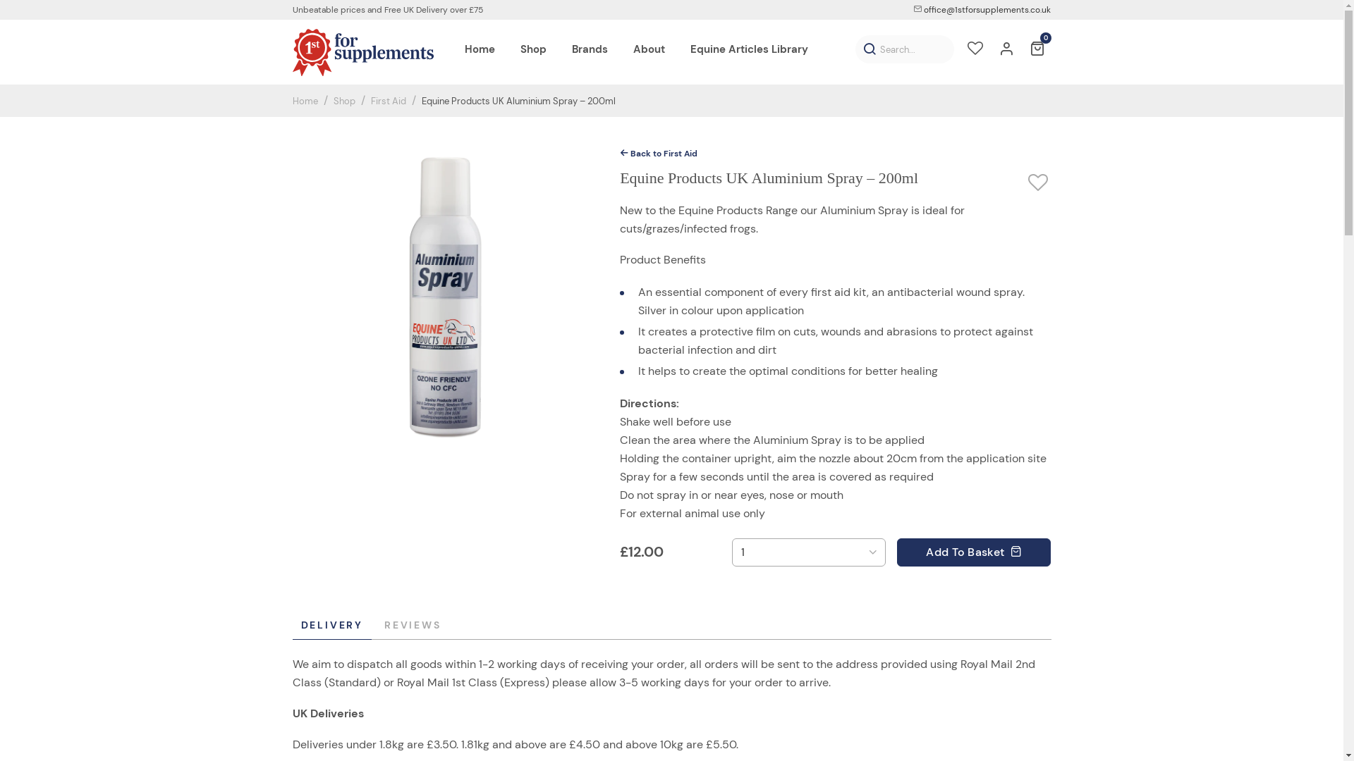  I want to click on 'Equine Articles Library', so click(748, 49).